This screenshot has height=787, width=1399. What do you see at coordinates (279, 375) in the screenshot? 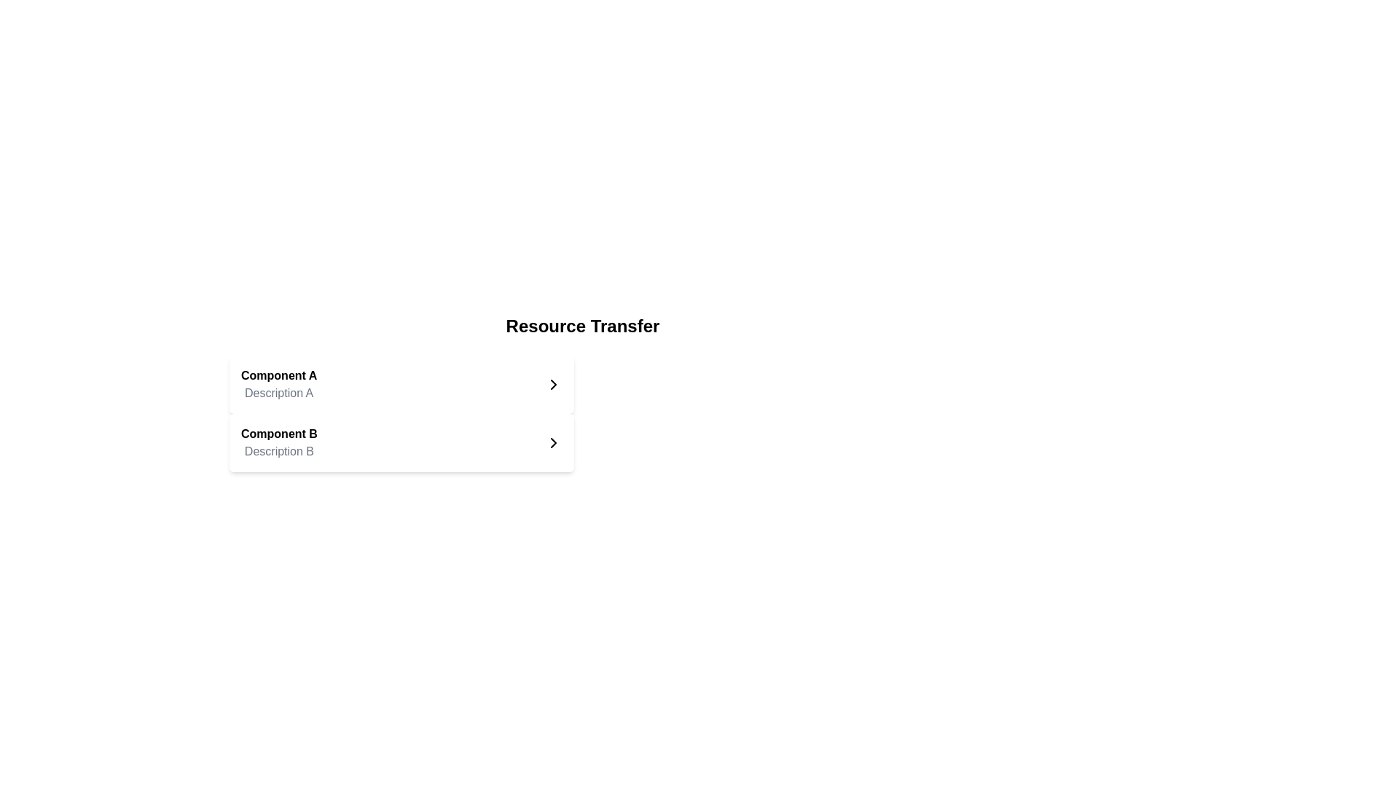
I see `bold text label 'Component A' located at the top of a grouped section in the upper-left part of the interface` at bounding box center [279, 375].